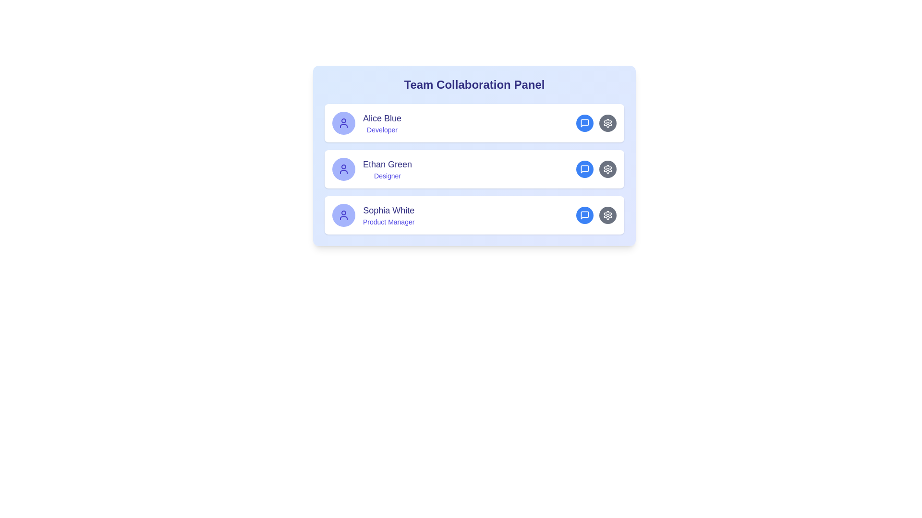  What do you see at coordinates (474, 84) in the screenshot?
I see `the bold, large text element reading 'Team Collaboration Panel' at the top center of the rounded gradient background box` at bounding box center [474, 84].